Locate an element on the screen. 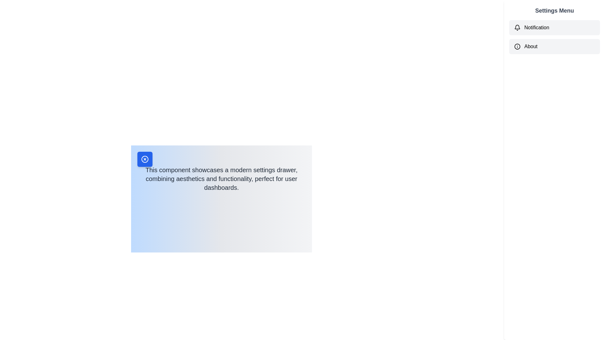  the 'Settings Menu' header located at the top of the sidebar panel, which displays the text in bold, large dark gray font is located at coordinates (555, 11).